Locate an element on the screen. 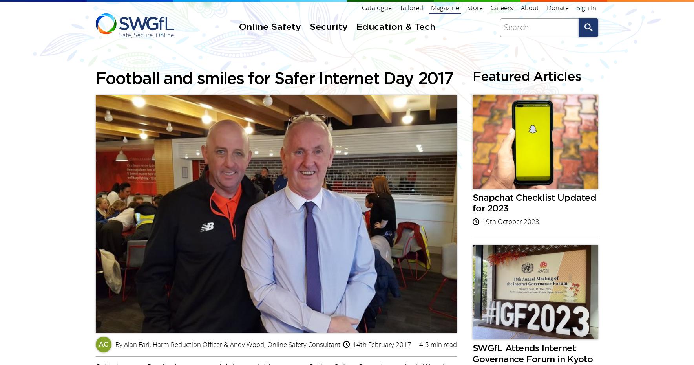 Image resolution: width=694 pixels, height=365 pixels. 'Snapchat Checklist Updated for 2023' is located at coordinates (277, 117).